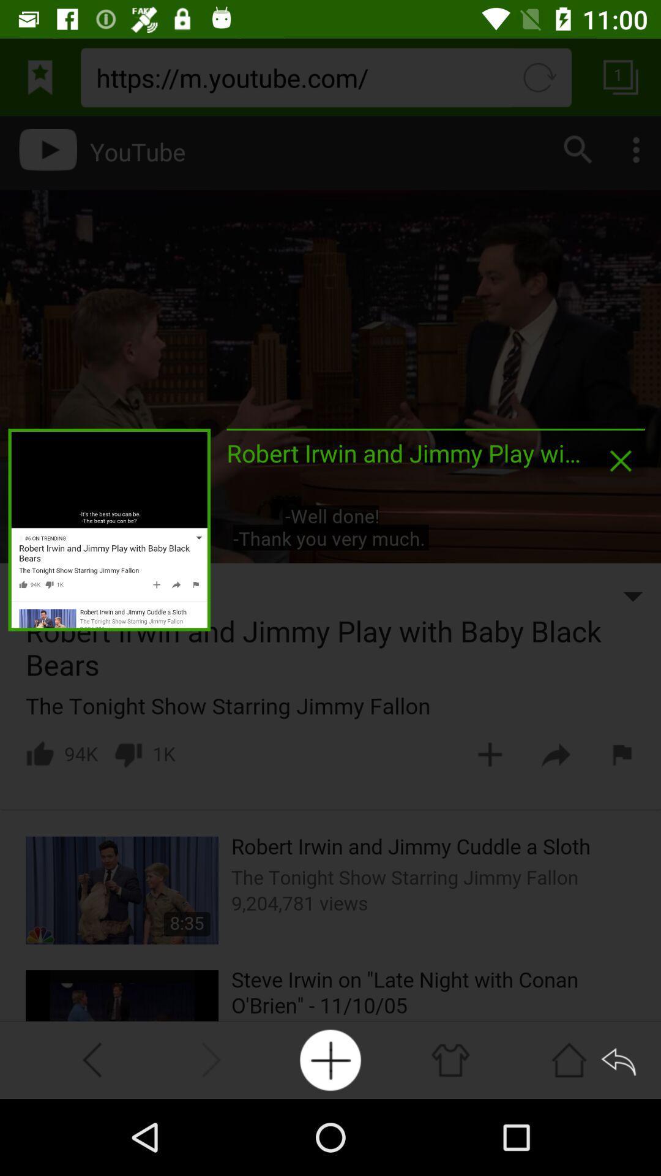  What do you see at coordinates (435, 429) in the screenshot?
I see `icon above robert irwin and item` at bounding box center [435, 429].